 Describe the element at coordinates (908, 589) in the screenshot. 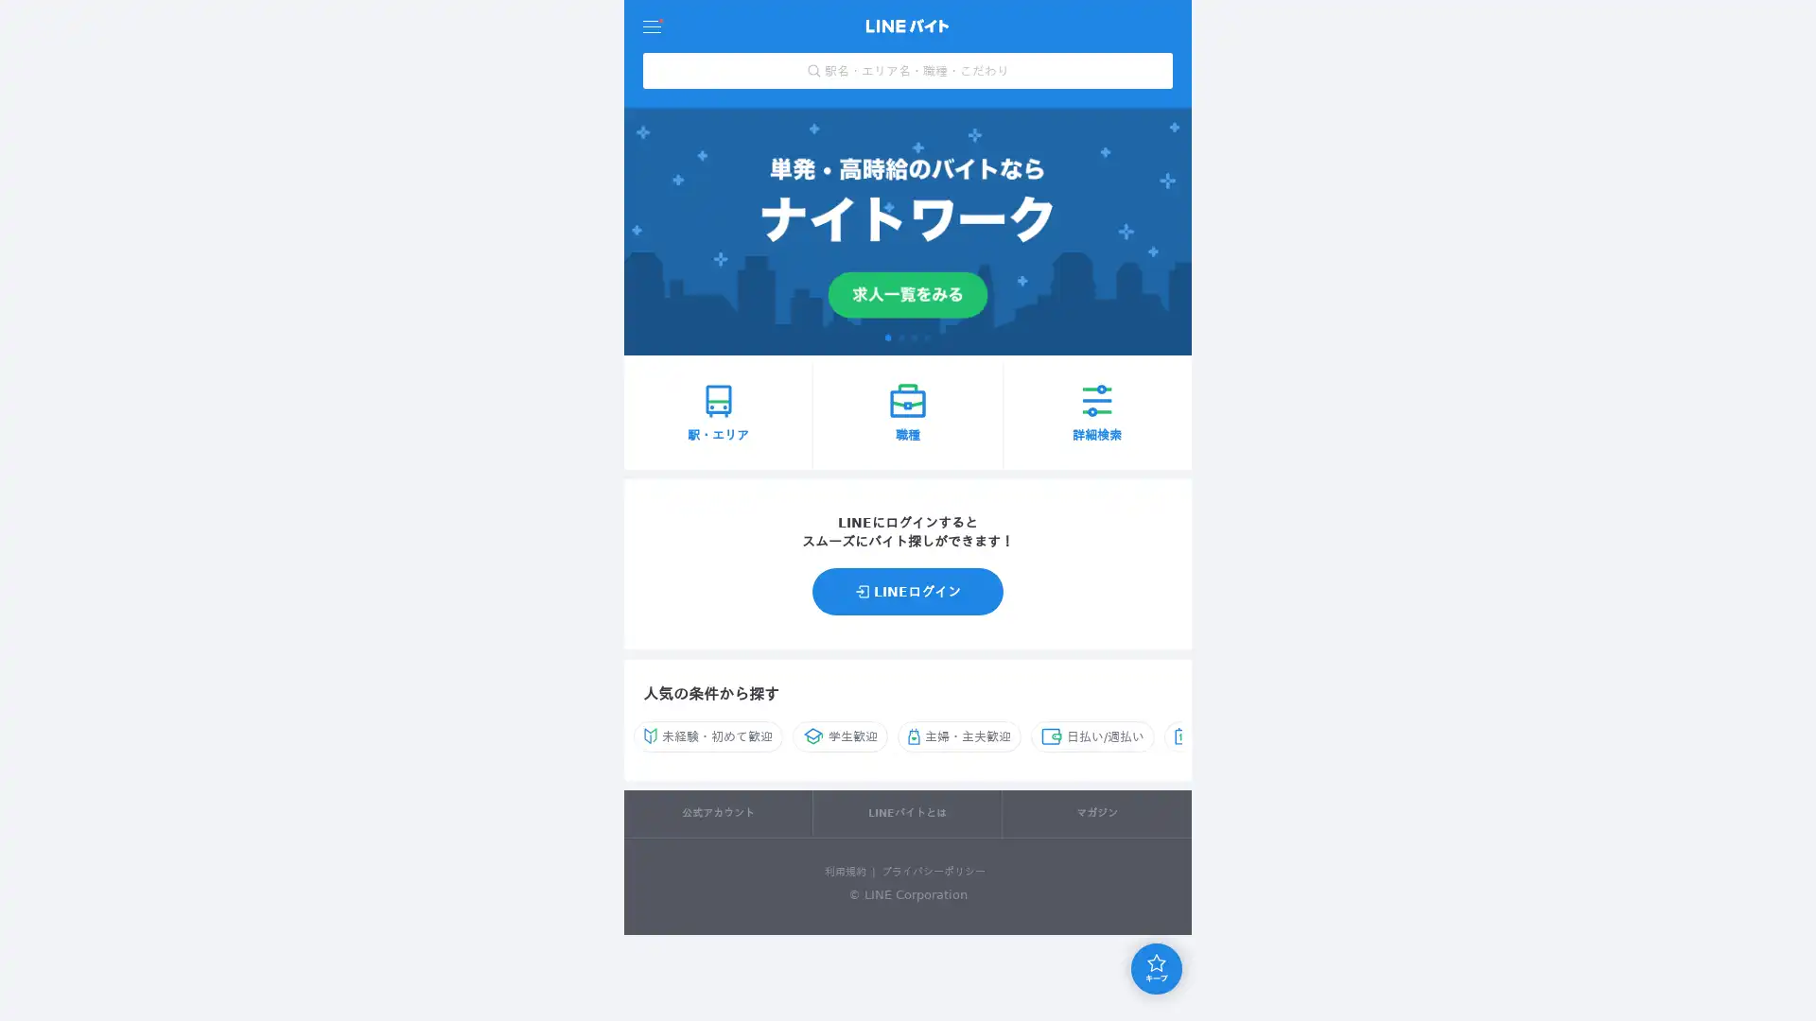

I see `LINE` at that location.